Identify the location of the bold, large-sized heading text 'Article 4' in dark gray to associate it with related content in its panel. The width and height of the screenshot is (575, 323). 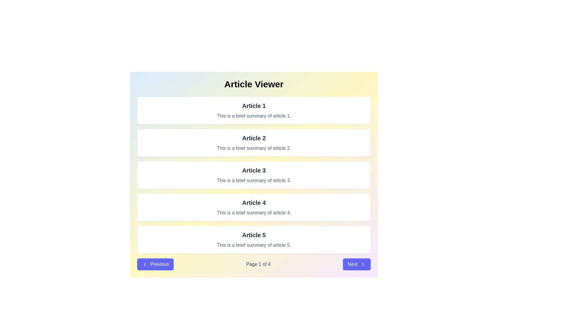
(254, 202).